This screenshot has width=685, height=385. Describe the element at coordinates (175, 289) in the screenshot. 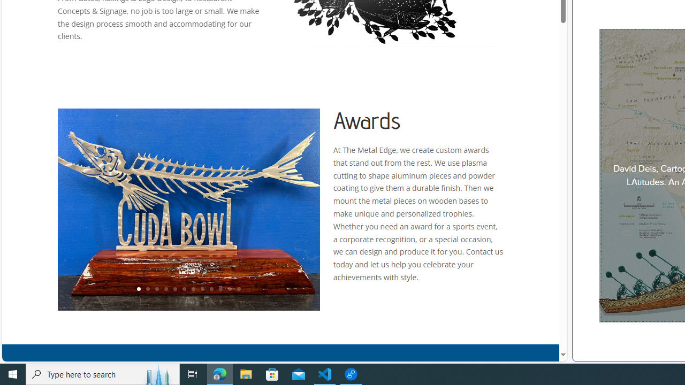

I see `'5'` at that location.